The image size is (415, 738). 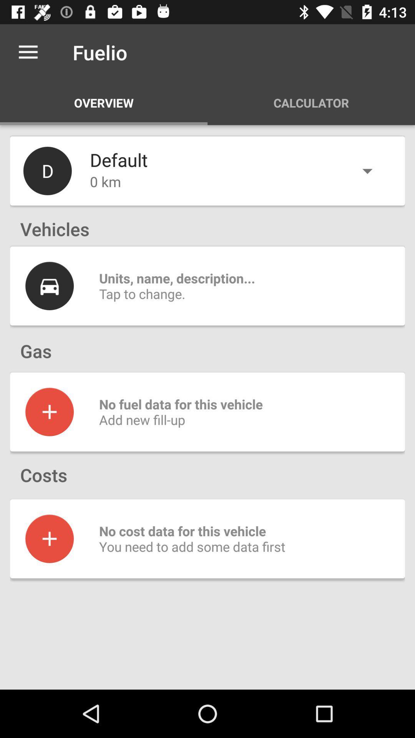 What do you see at coordinates (49, 411) in the screenshot?
I see `the icon below gas` at bounding box center [49, 411].